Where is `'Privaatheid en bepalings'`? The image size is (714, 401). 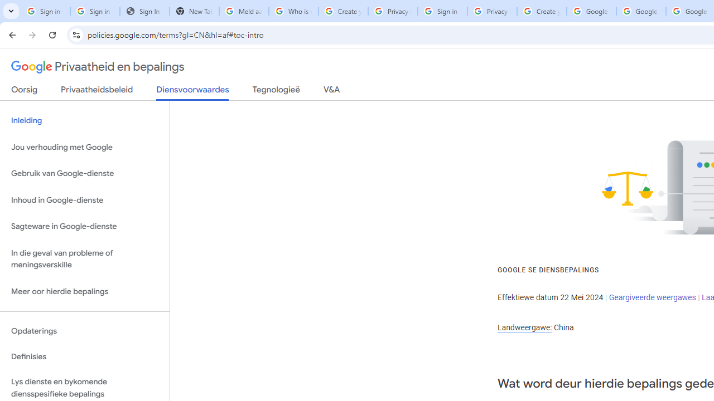
'Privaatheid en bepalings' is located at coordinates (98, 67).